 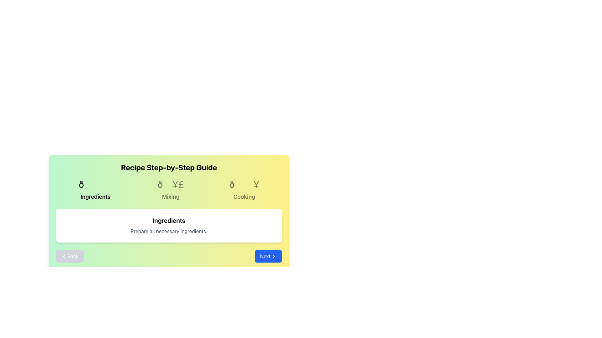 I want to click on the forward action icon located within the 'Next' button at the bottom-right of the interface, positioned to the right of the 'Next' text, so click(x=274, y=256).